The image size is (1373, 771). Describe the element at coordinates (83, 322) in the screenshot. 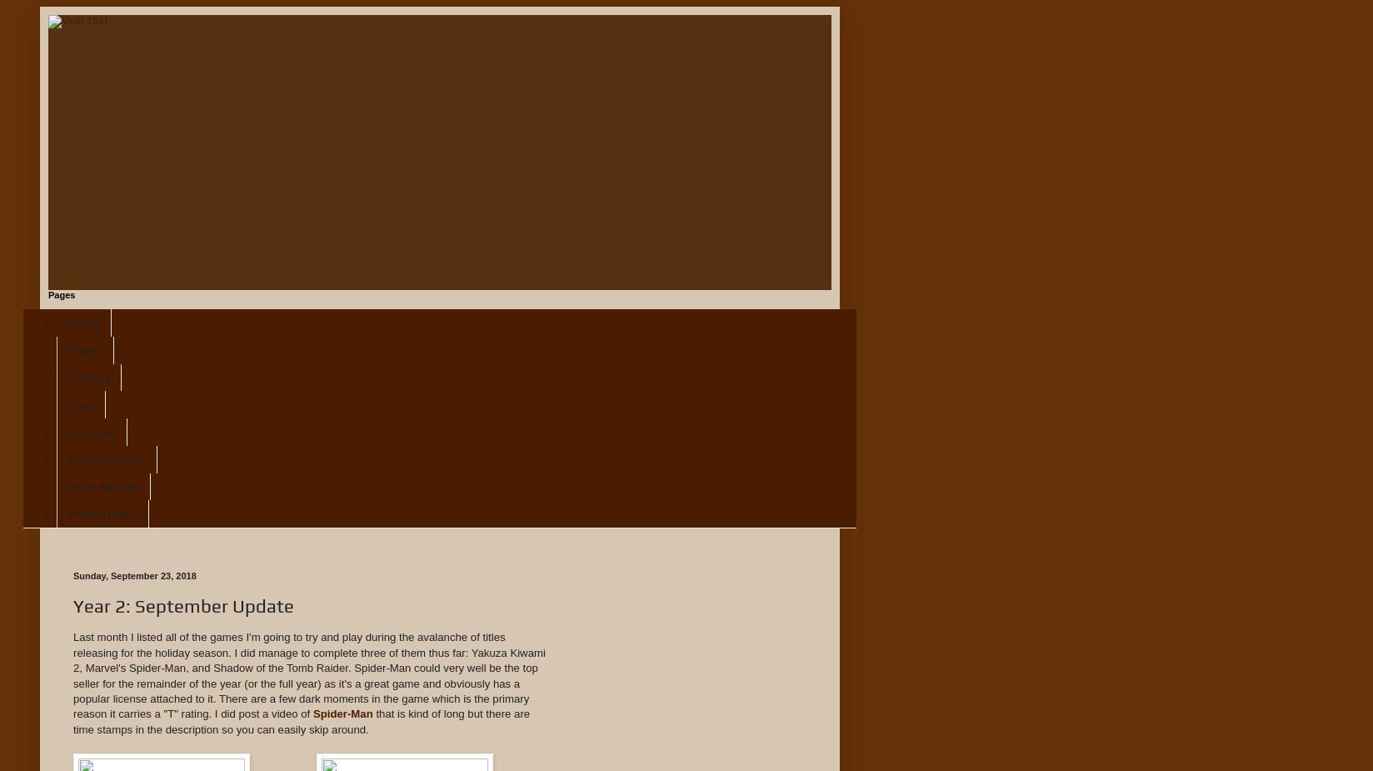

I see `'Home'` at that location.